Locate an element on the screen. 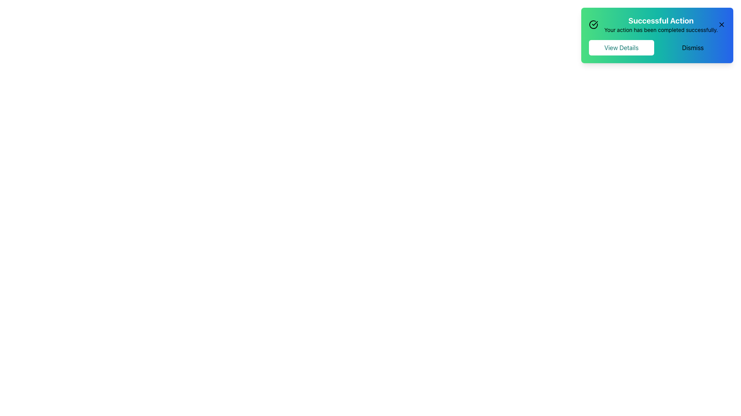 The image size is (741, 416). the title text of the notification that indicates the success of an action, located in the top-right corner of the UI is located at coordinates (660, 20).